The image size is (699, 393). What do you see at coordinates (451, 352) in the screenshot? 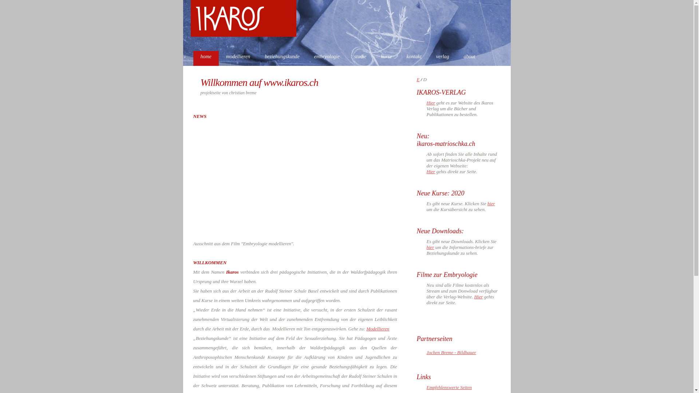
I see `'Jochen Breme - Bildhauer'` at bounding box center [451, 352].